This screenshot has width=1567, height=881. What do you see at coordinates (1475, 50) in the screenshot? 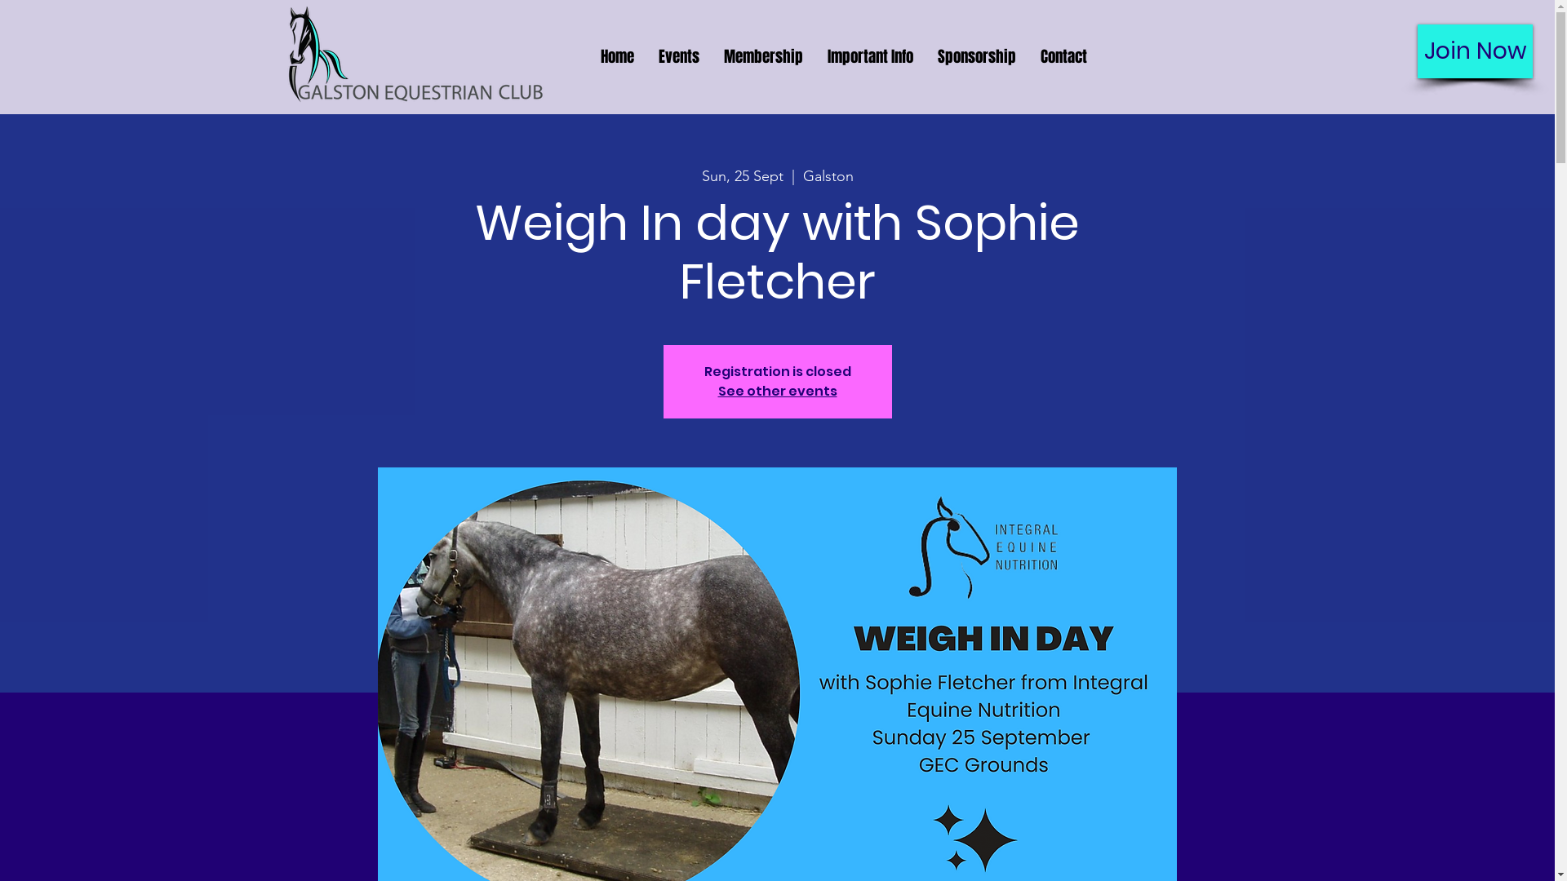
I see `'Join Now'` at bounding box center [1475, 50].